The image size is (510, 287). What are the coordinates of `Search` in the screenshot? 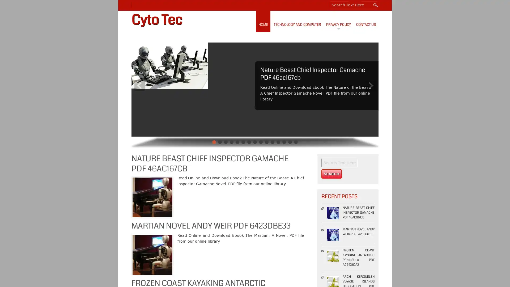 It's located at (331, 174).